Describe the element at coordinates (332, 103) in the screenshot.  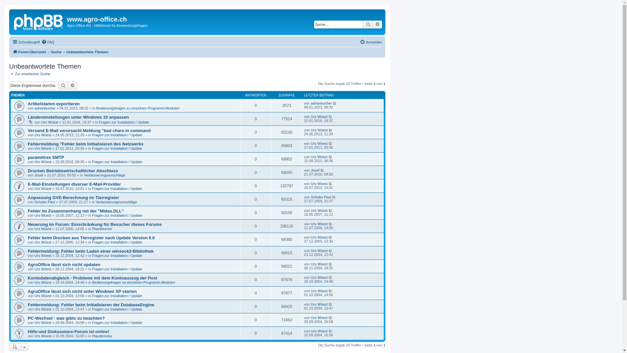
I see `'Gehe zum letzten Beitrag'` at that location.